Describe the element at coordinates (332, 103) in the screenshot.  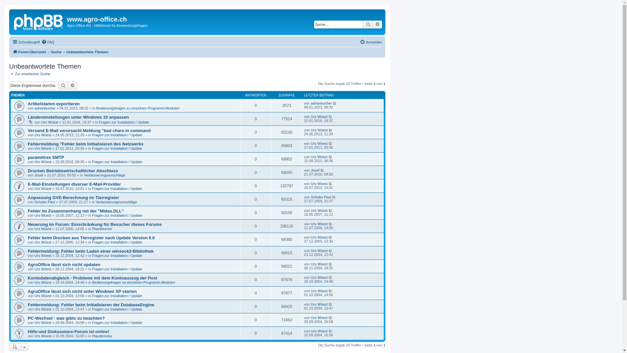
I see `'Gehe zum letzten Beitrag'` at that location.